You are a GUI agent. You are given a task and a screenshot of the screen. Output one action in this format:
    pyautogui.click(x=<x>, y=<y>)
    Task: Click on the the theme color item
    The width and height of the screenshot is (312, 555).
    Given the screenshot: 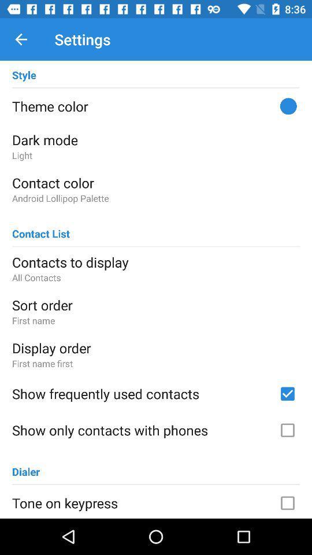 What is the action you would take?
    pyautogui.click(x=156, y=106)
    